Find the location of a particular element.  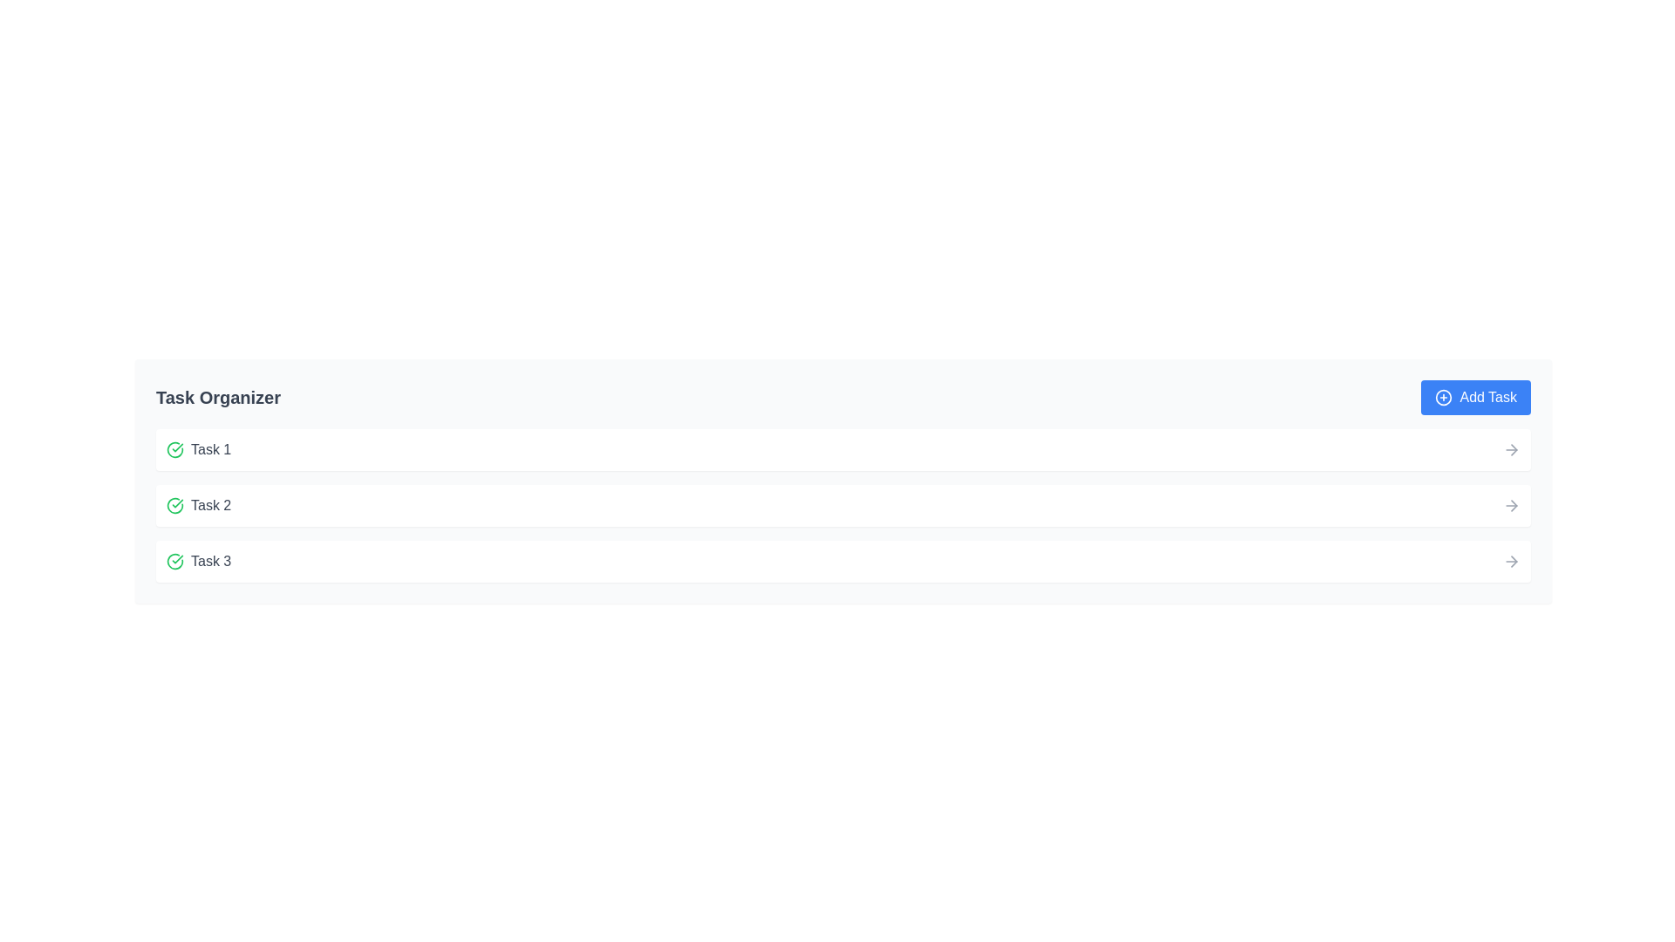

the icon element styled as a graphical marker within the 'Add Task' button, which is positioned is located at coordinates (1444, 397).